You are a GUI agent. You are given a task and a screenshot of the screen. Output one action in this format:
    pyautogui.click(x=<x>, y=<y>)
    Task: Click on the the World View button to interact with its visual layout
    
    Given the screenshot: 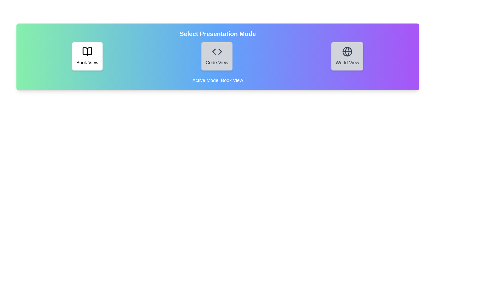 What is the action you would take?
    pyautogui.click(x=347, y=56)
    